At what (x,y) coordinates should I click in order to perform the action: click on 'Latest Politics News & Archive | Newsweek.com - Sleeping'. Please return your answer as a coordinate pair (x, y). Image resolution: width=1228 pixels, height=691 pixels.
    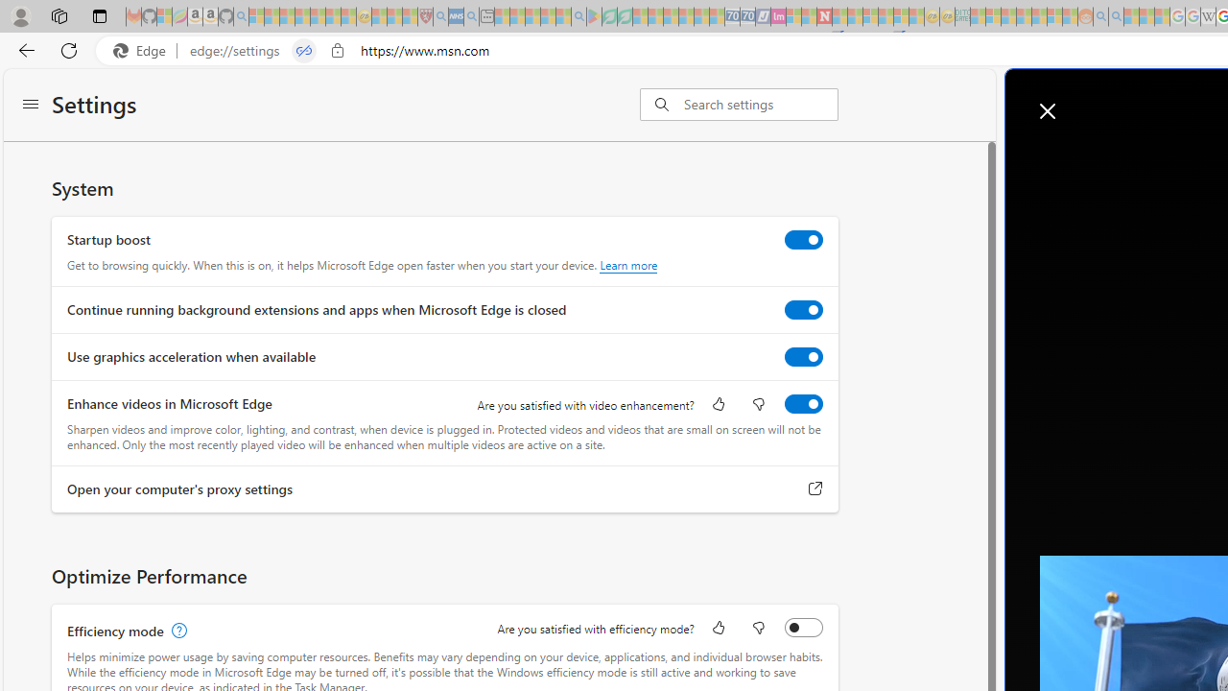
    Looking at the image, I should click on (824, 16).